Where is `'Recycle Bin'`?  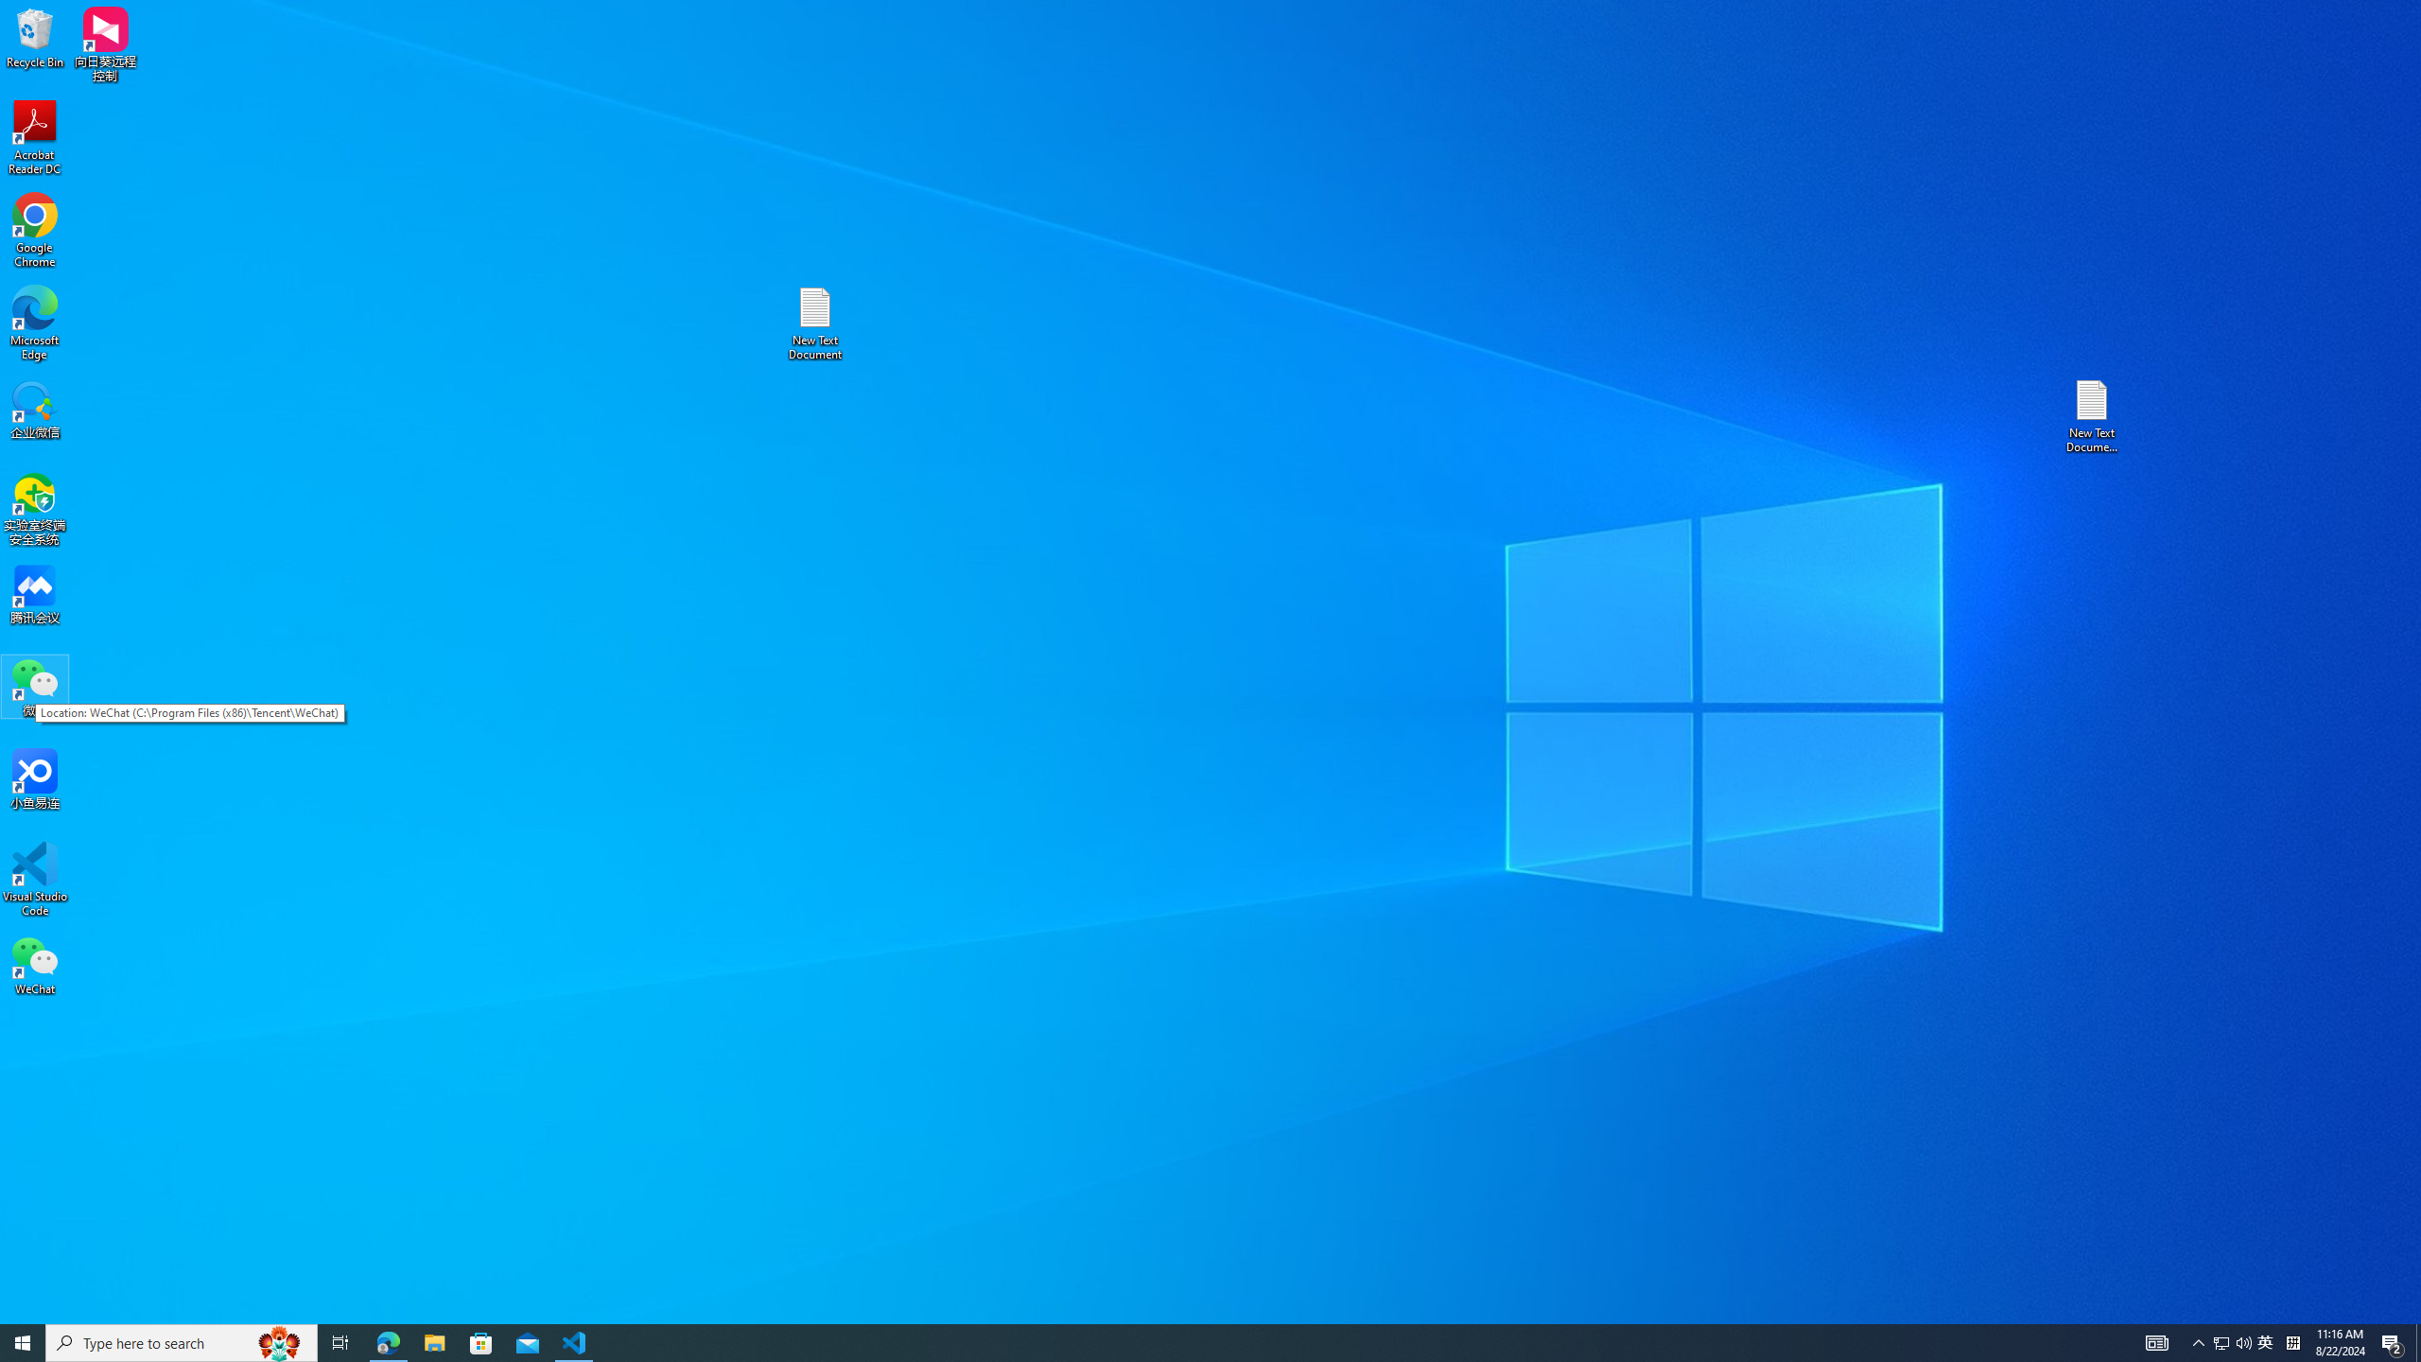
'Recycle Bin' is located at coordinates (34, 36).